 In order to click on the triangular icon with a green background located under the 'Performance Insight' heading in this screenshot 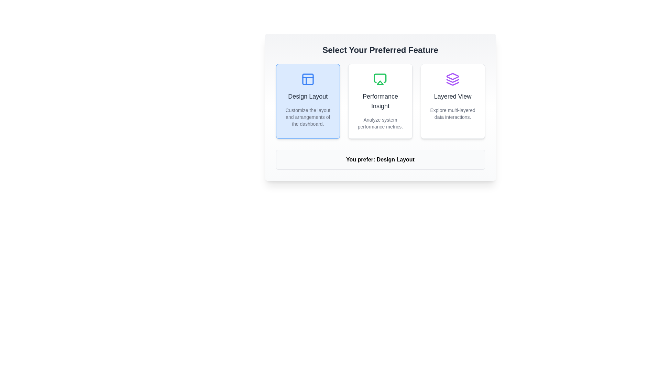, I will do `click(380, 82)`.